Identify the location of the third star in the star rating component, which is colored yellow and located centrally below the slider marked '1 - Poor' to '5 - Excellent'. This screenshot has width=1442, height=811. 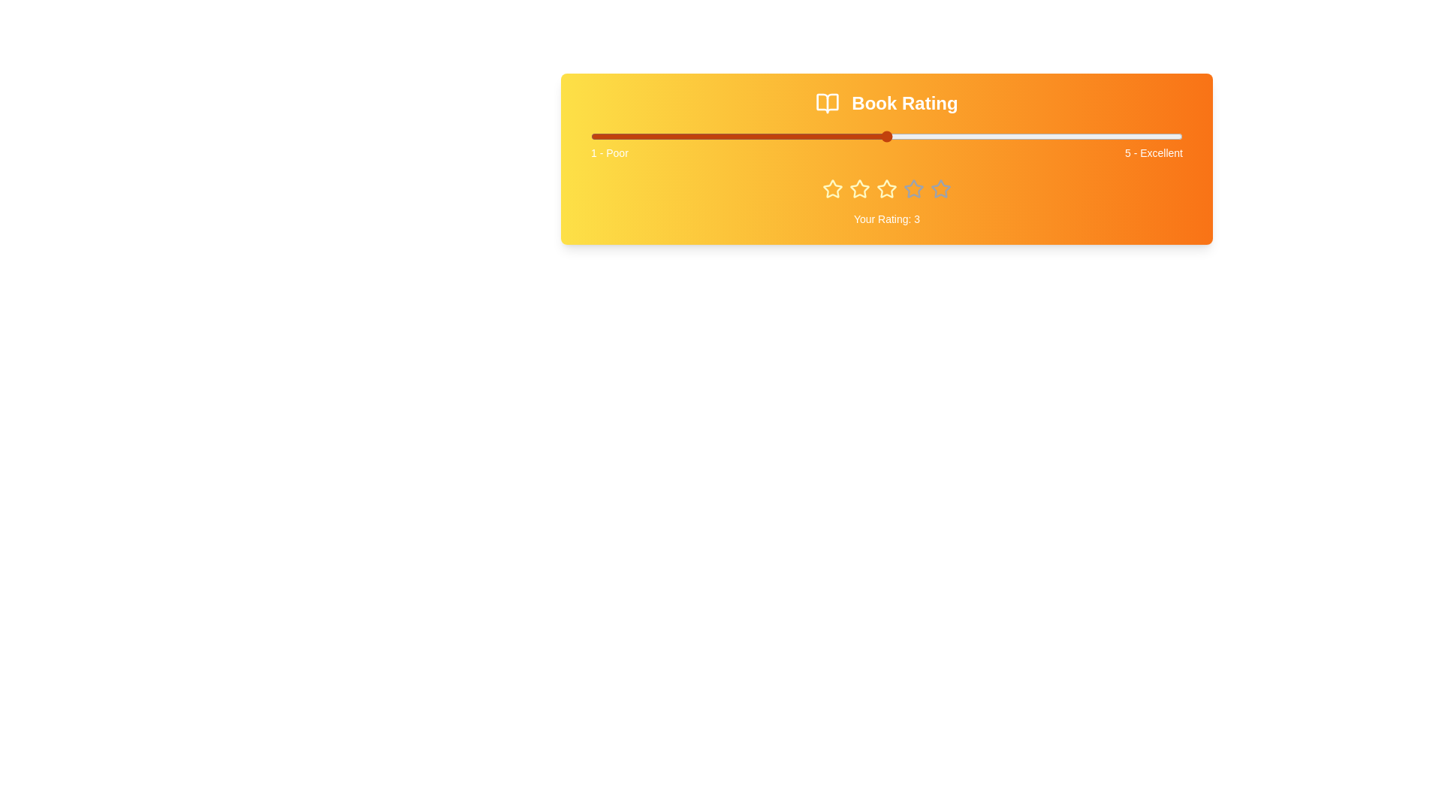
(886, 188).